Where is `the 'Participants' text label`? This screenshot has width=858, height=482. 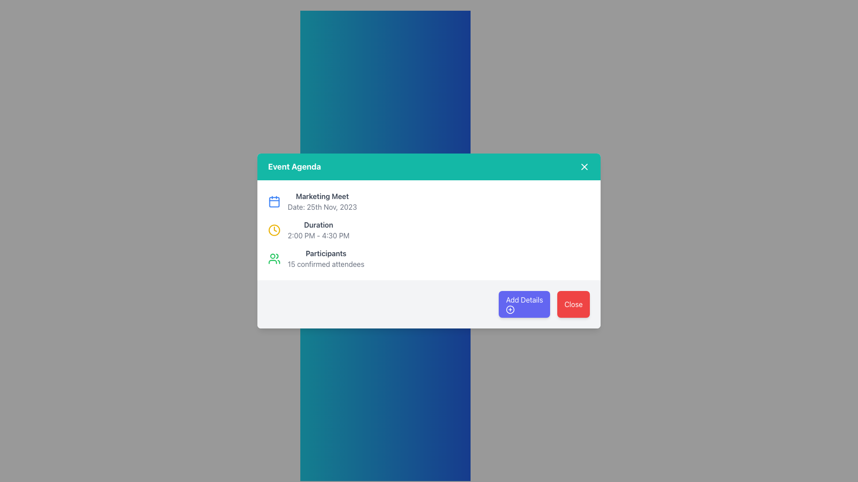 the 'Participants' text label is located at coordinates (325, 253).